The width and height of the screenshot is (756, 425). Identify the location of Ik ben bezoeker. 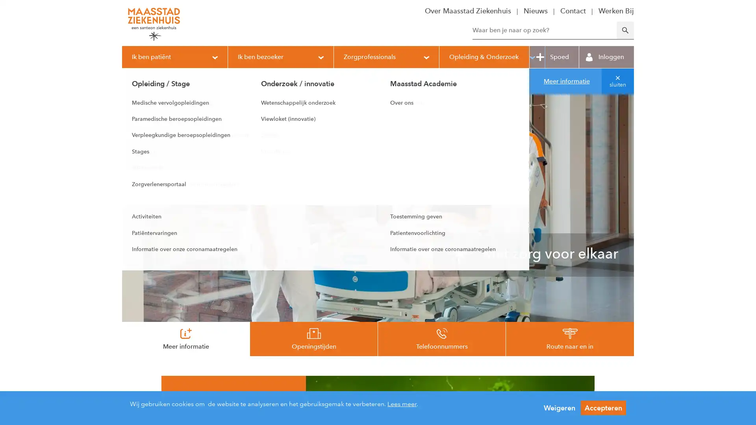
(280, 57).